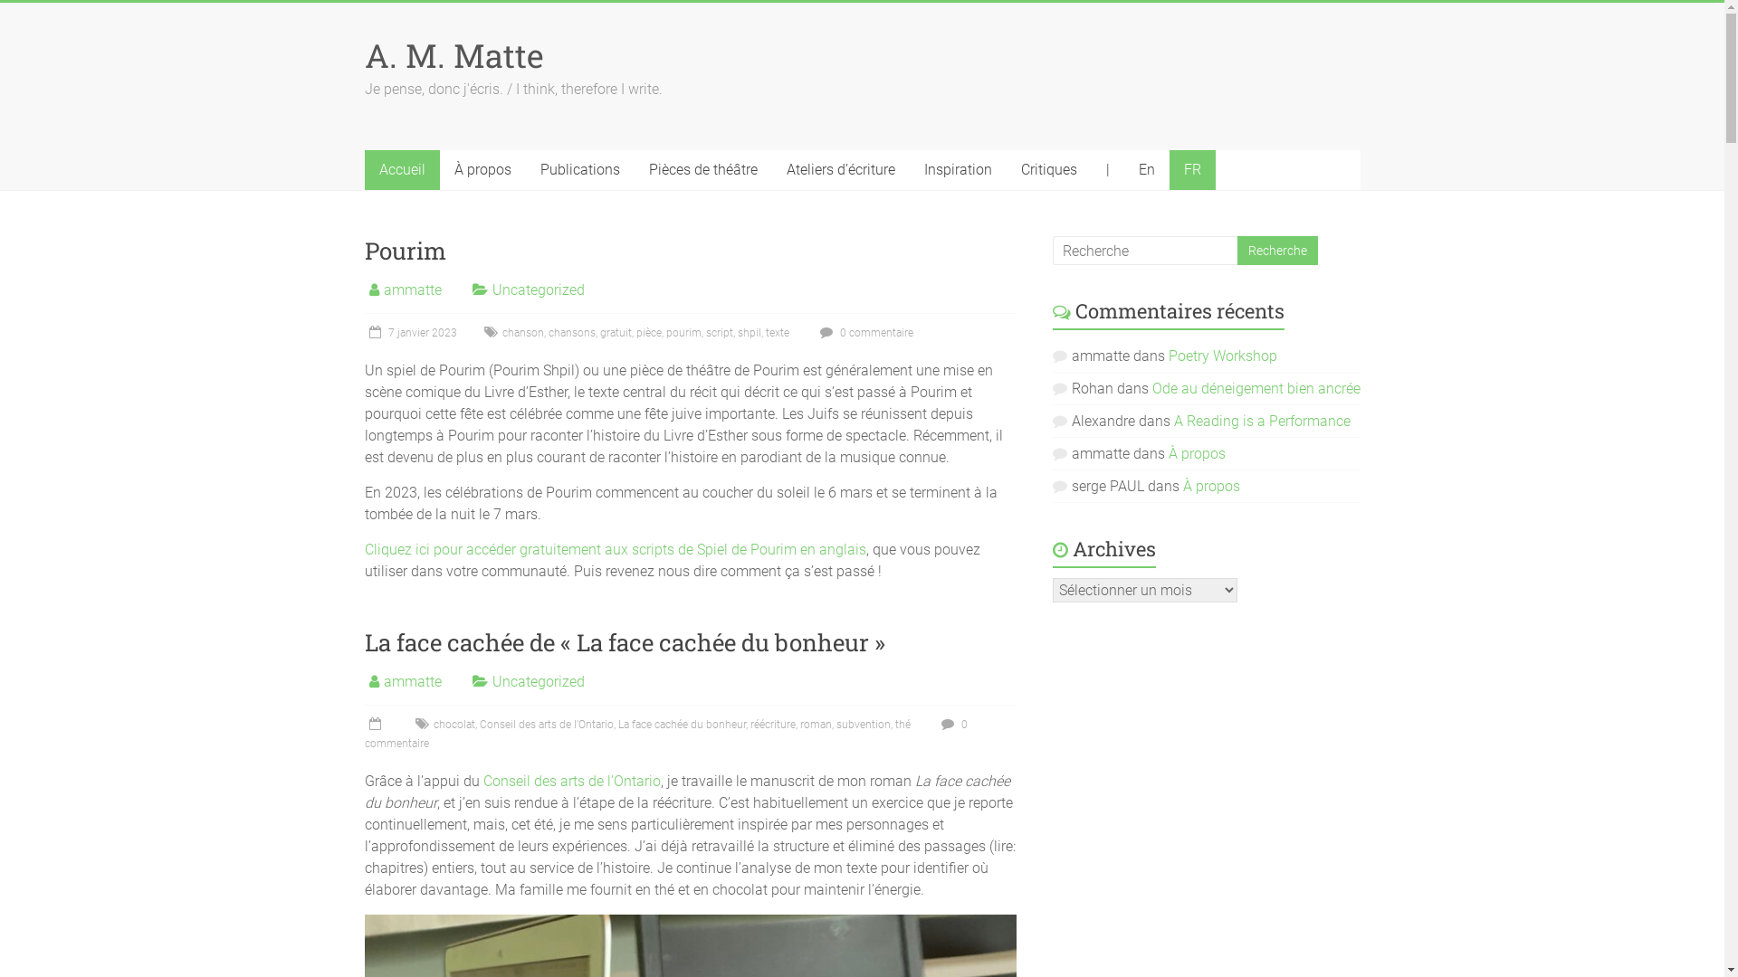  Describe the element at coordinates (571, 332) in the screenshot. I see `'chansons'` at that location.